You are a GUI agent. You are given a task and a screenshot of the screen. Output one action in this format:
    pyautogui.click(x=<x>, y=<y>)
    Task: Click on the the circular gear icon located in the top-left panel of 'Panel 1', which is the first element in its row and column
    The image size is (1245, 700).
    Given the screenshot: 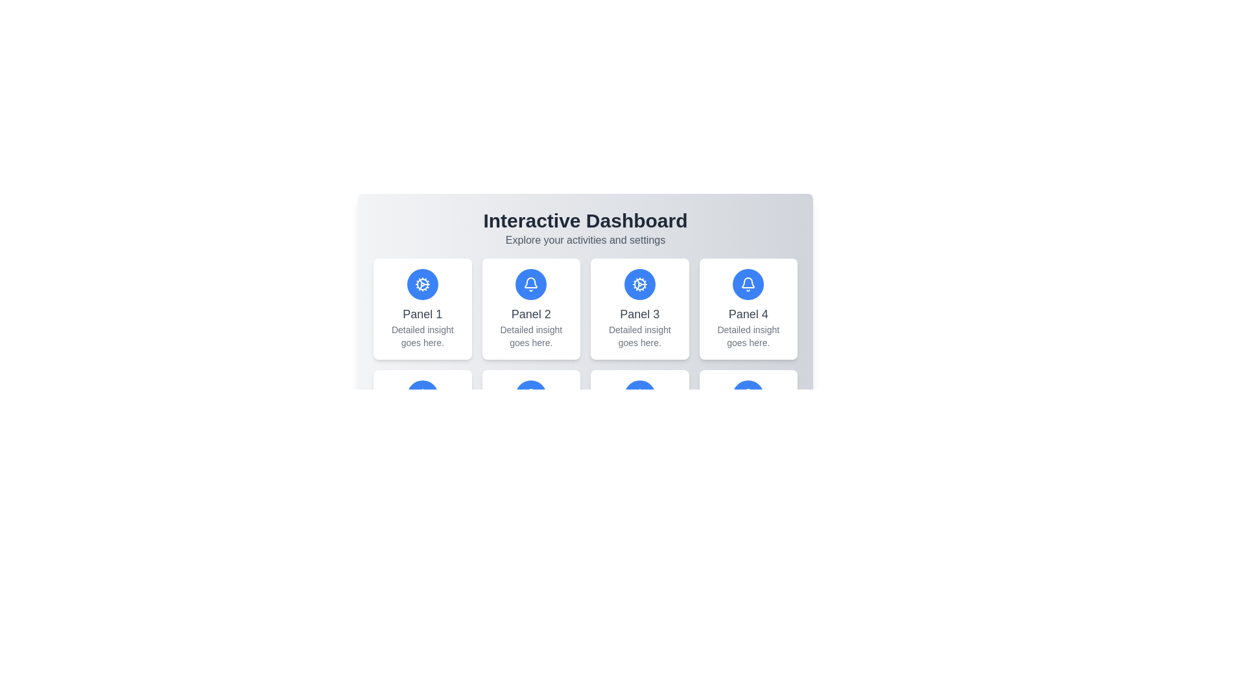 What is the action you would take?
    pyautogui.click(x=639, y=284)
    